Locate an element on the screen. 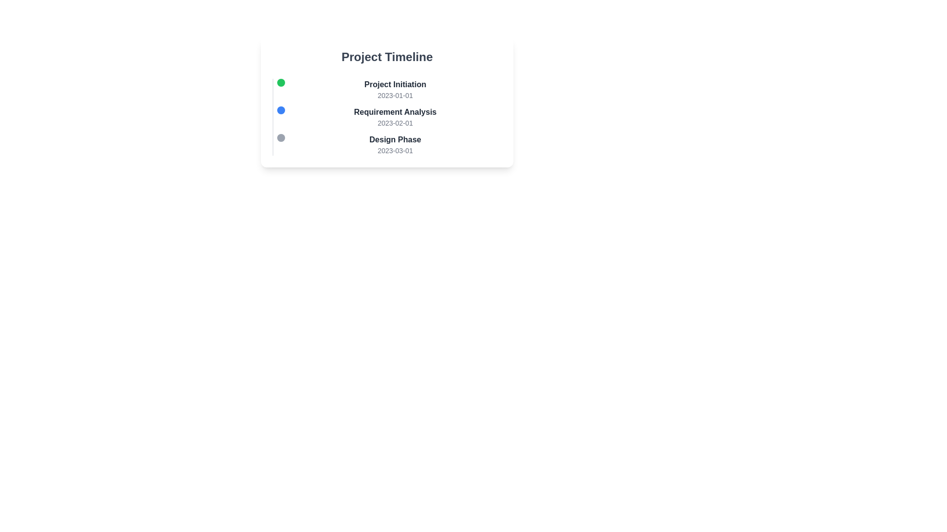 Image resolution: width=947 pixels, height=532 pixels. the small circular blue dot located slightly to the left of the text 'Requirement Analysis' and its associated date '2023-02-01'. This blue dot is the second in a vertical sequence of circular indicators, positioned between a green dot above and a gray dot below is located at coordinates (281, 110).